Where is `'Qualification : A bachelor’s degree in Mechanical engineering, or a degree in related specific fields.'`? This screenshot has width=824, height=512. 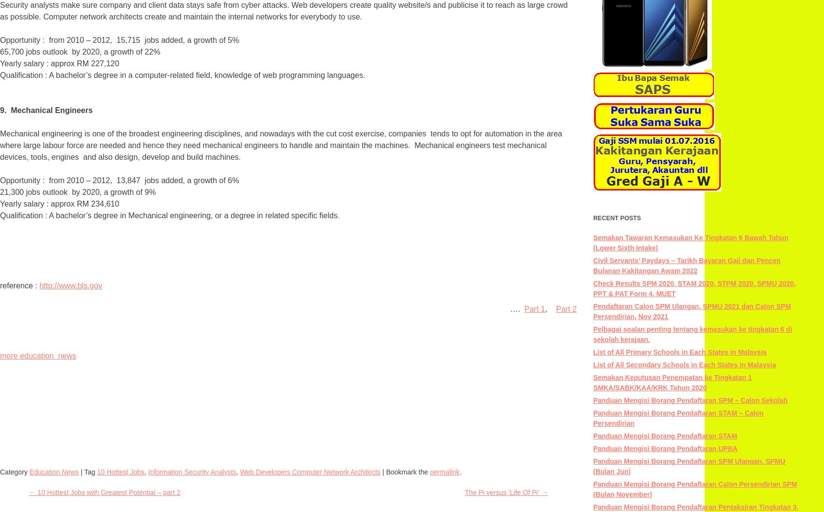
'Qualification : A bachelor’s degree in Mechanical engineering, or a degree in related specific fields.' is located at coordinates (169, 215).